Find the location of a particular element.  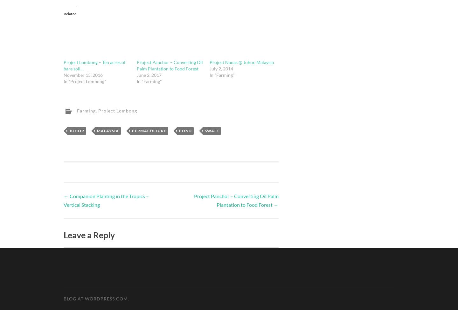

'Related' is located at coordinates (64, 13).